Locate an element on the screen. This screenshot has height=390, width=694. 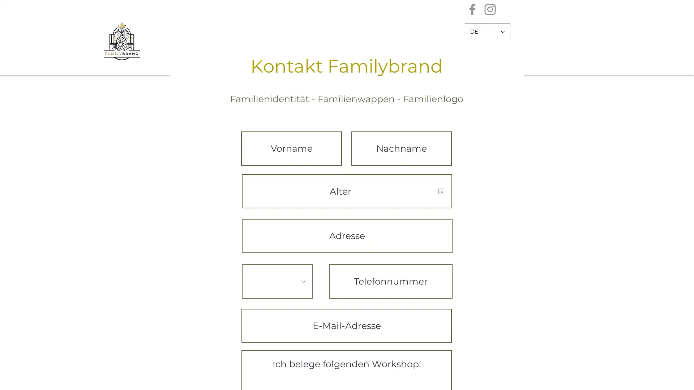
Alle ablehnen is located at coordinates (607, 378).